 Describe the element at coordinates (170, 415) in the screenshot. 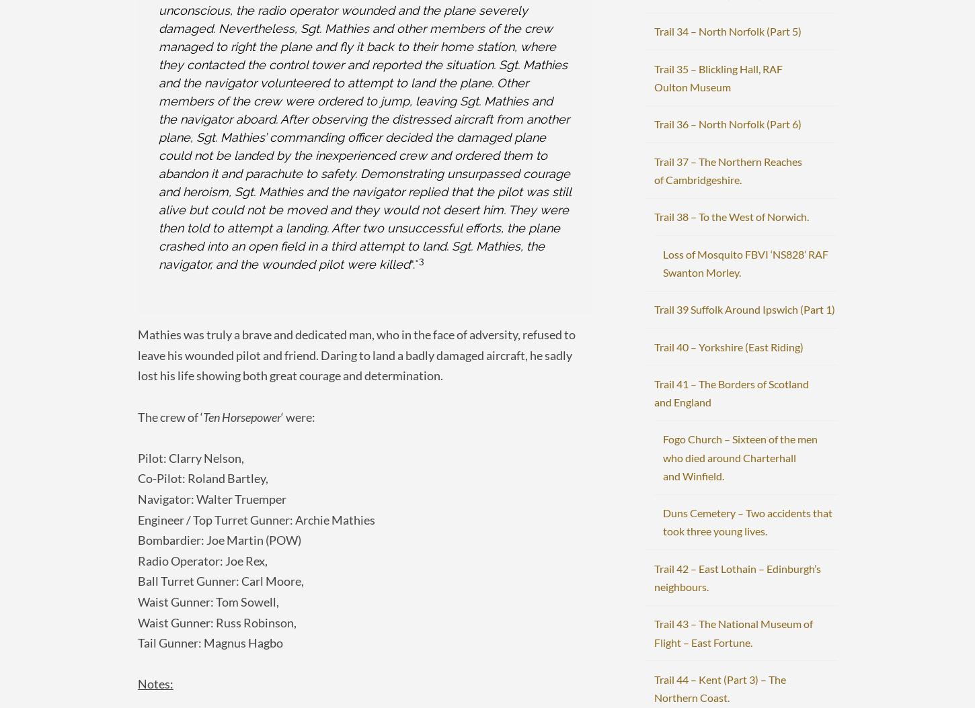

I see `'The crew of ‘'` at that location.